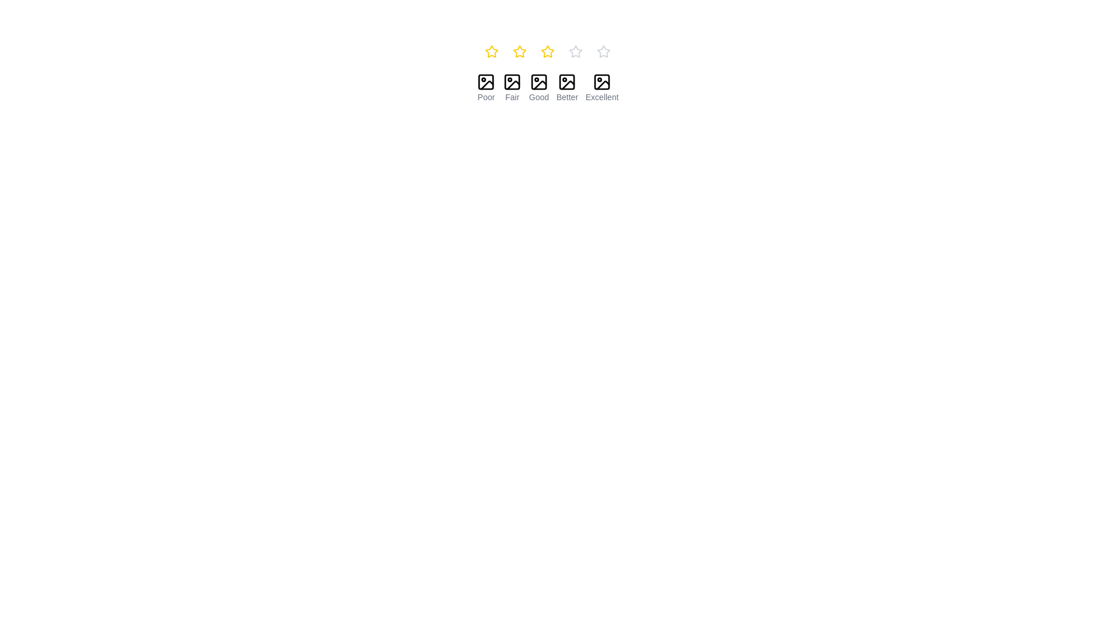 The height and width of the screenshot is (629, 1119). I want to click on the fourth star icon, so click(604, 51).